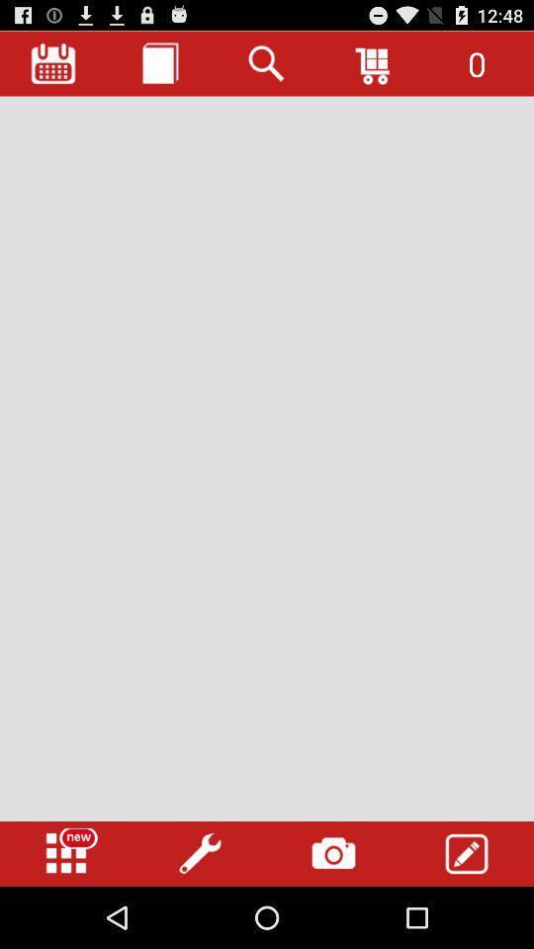 The image size is (534, 949). I want to click on the camera, so click(333, 853).